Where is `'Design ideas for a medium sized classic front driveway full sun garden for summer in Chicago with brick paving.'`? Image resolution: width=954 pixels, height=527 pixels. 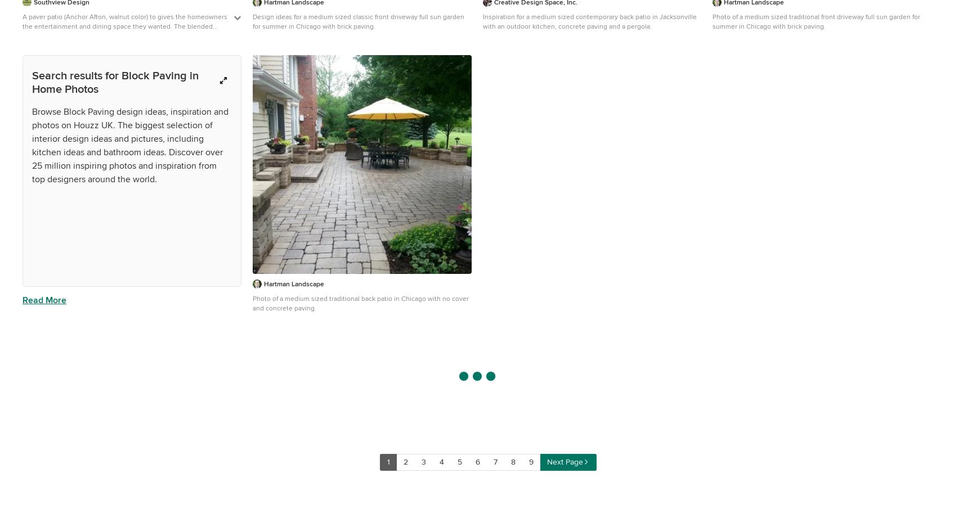
'Design ideas for a medium sized classic front driveway full sun garden for summer in Chicago with brick paving.' is located at coordinates (357, 21).